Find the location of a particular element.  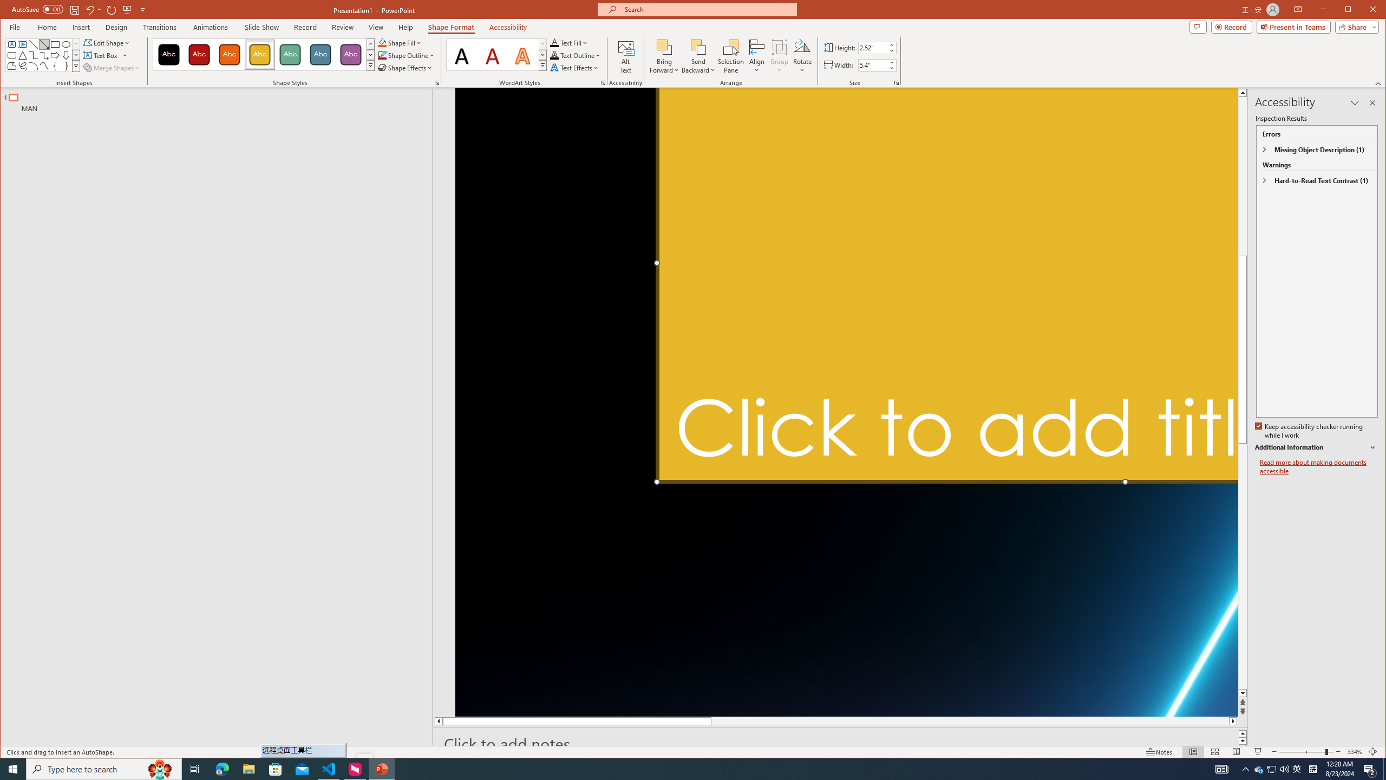

'Shape Height' is located at coordinates (872, 48).